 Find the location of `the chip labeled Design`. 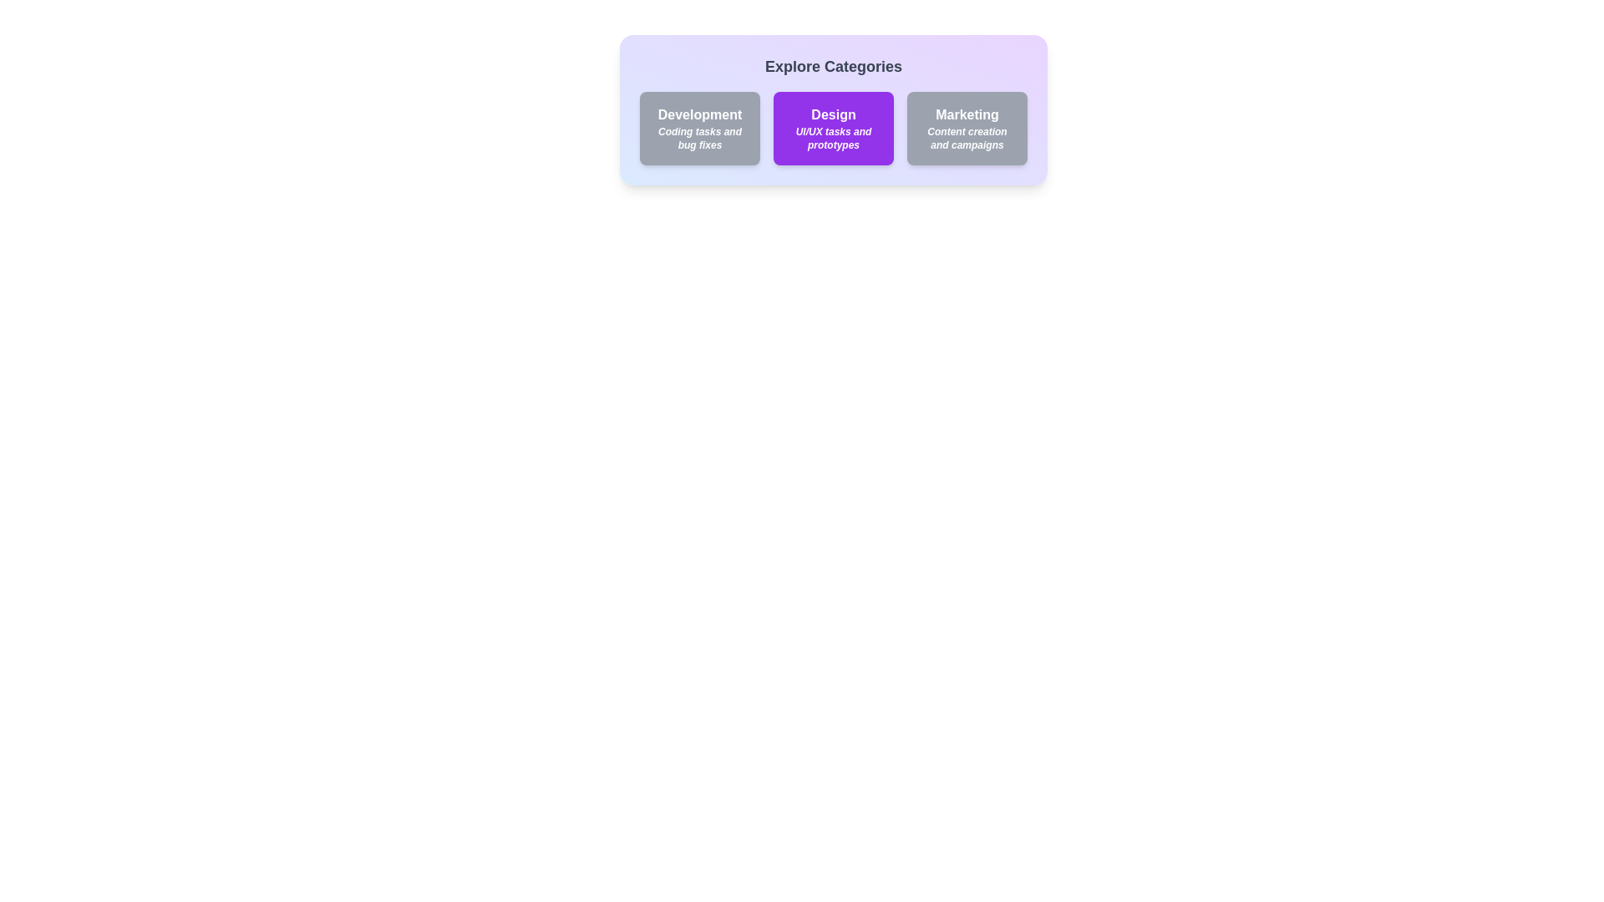

the chip labeled Design is located at coordinates (834, 128).